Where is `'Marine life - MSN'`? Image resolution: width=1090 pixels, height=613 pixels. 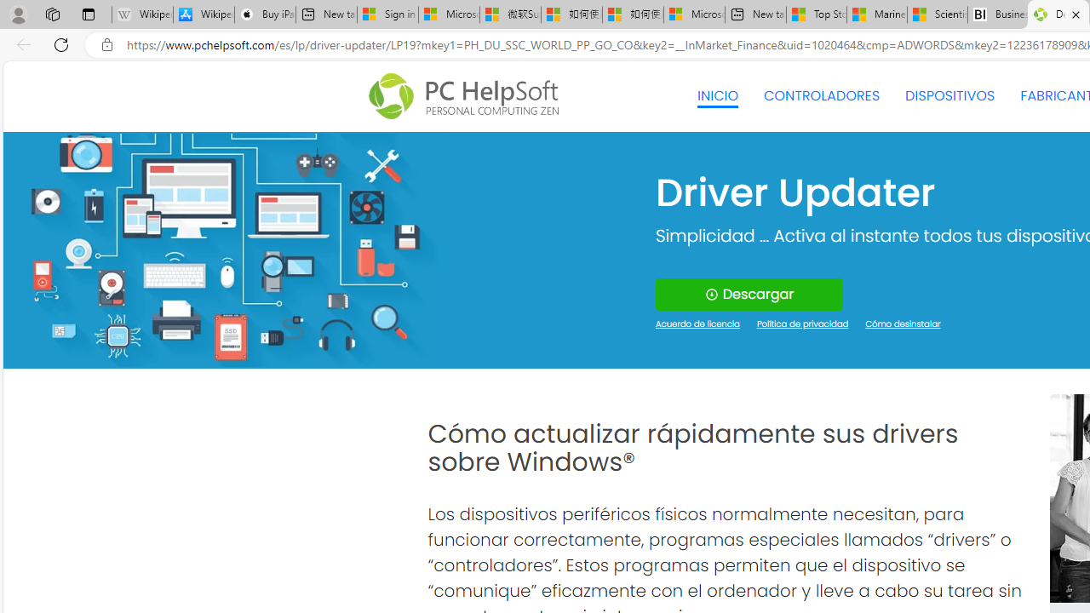
'Marine life - MSN' is located at coordinates (876, 14).